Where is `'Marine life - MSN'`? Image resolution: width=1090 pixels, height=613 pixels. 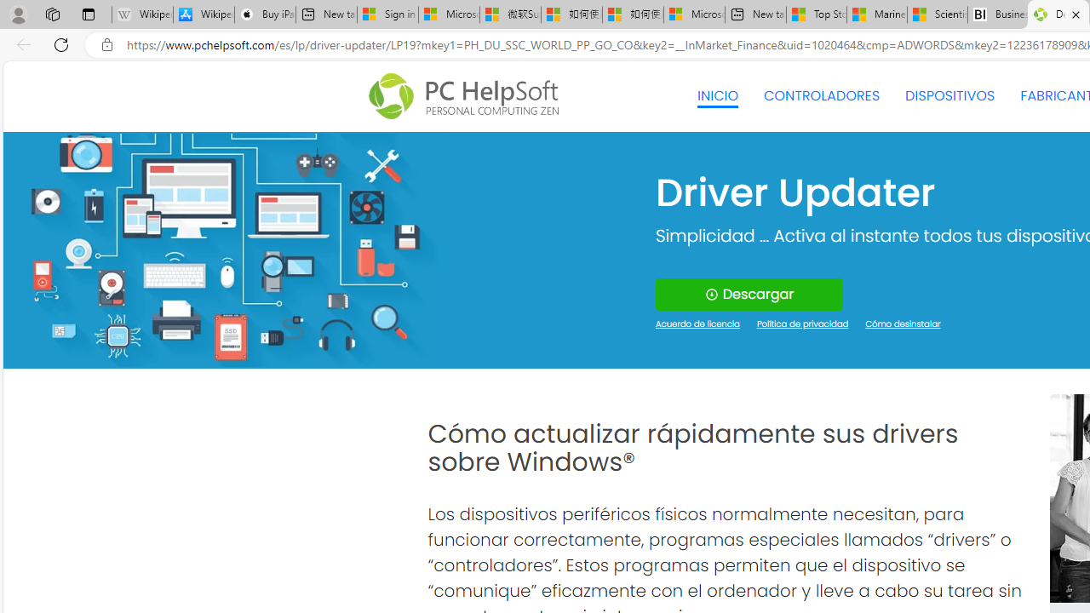
'Marine life - MSN' is located at coordinates (876, 14).